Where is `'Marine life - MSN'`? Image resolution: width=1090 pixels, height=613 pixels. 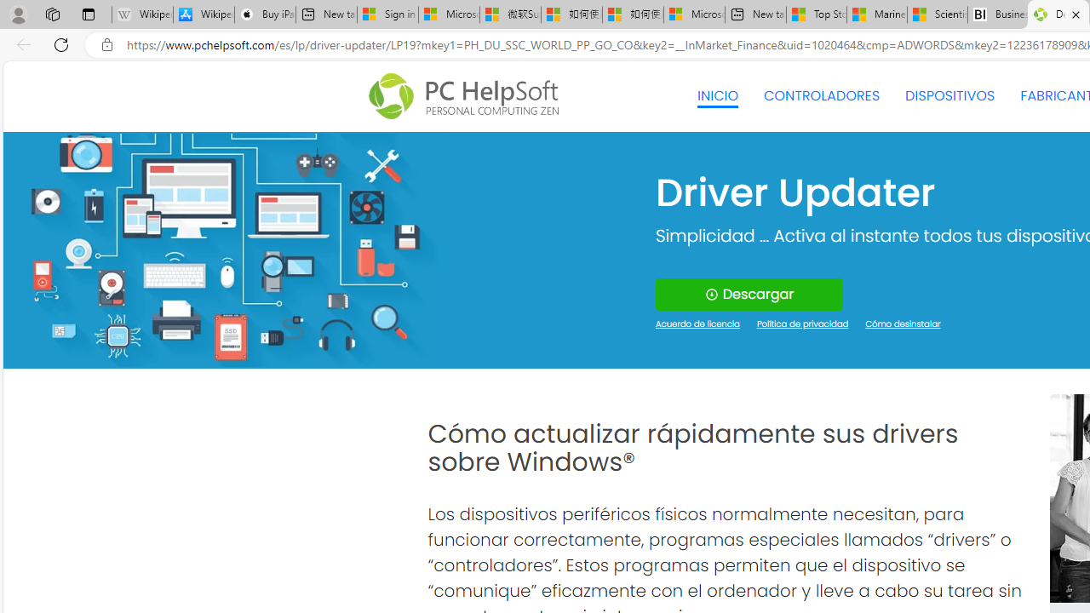
'Marine life - MSN' is located at coordinates (876, 14).